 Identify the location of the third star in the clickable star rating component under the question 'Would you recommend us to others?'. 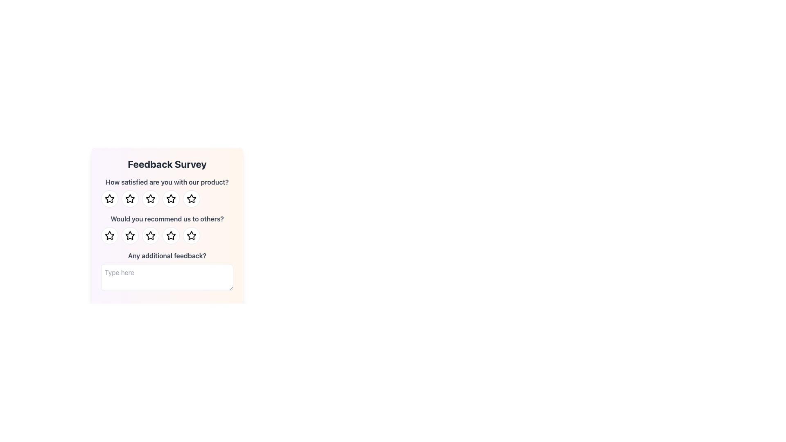
(151, 235).